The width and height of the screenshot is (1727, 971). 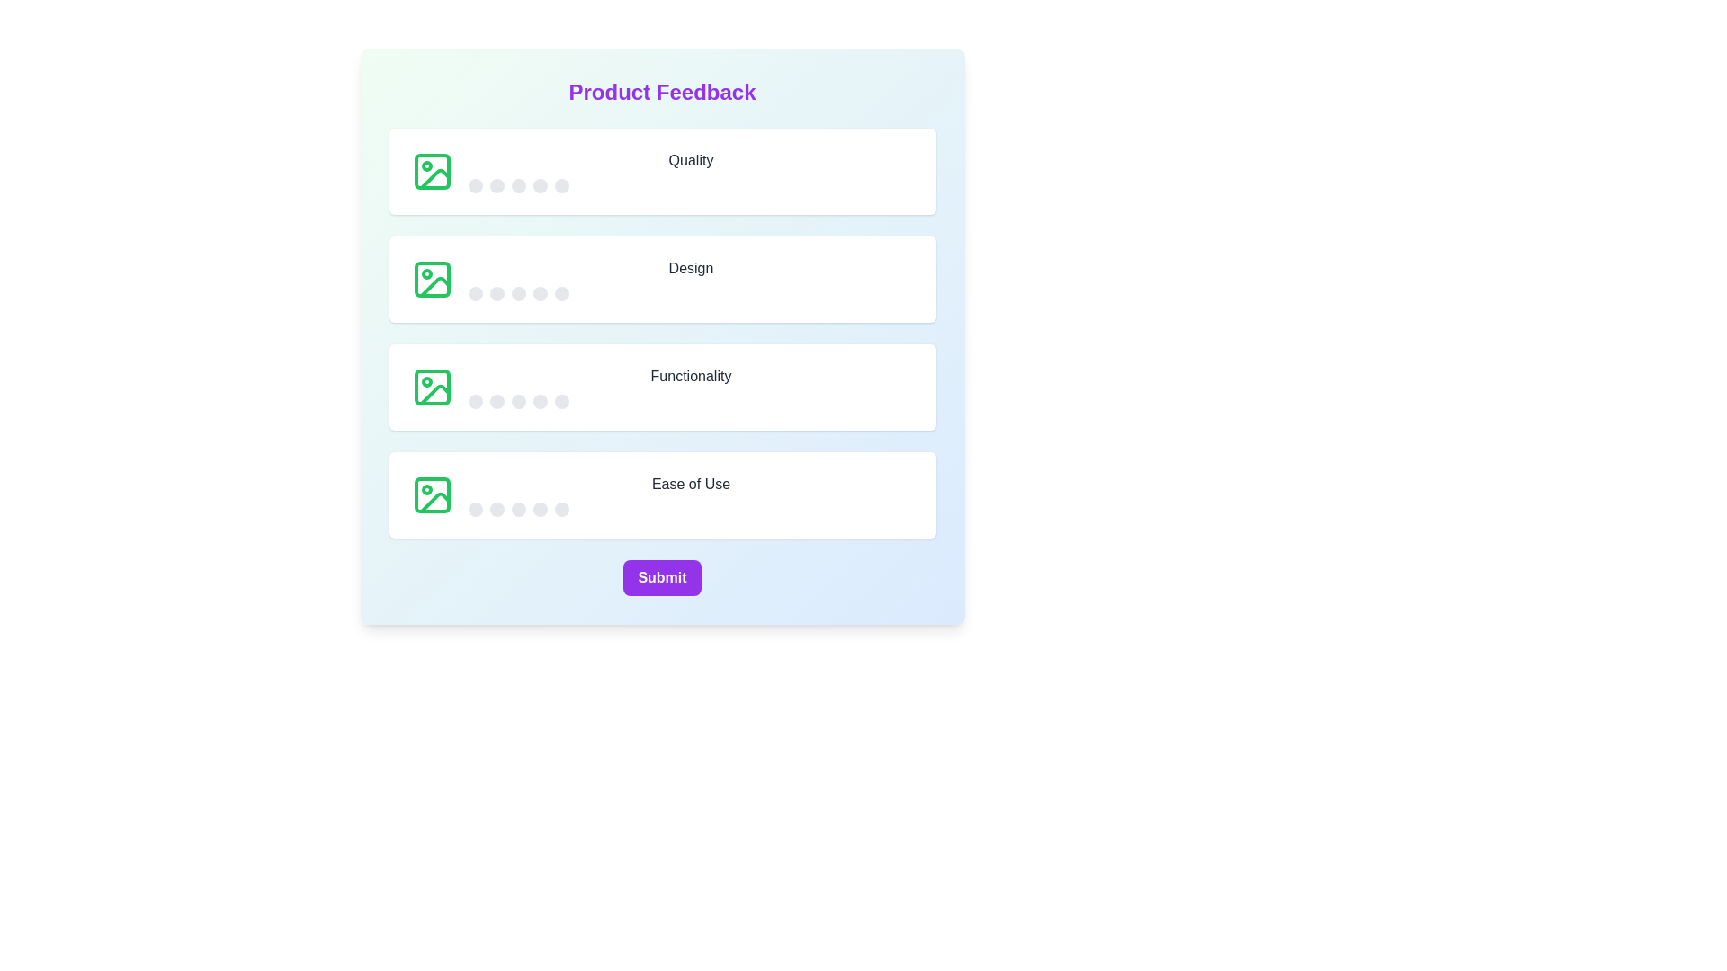 What do you see at coordinates (432, 280) in the screenshot?
I see `the image icon next to the category Design` at bounding box center [432, 280].